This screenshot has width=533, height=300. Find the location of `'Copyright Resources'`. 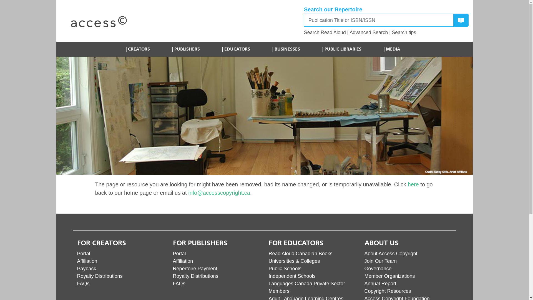

'Copyright Resources' is located at coordinates (387, 291).